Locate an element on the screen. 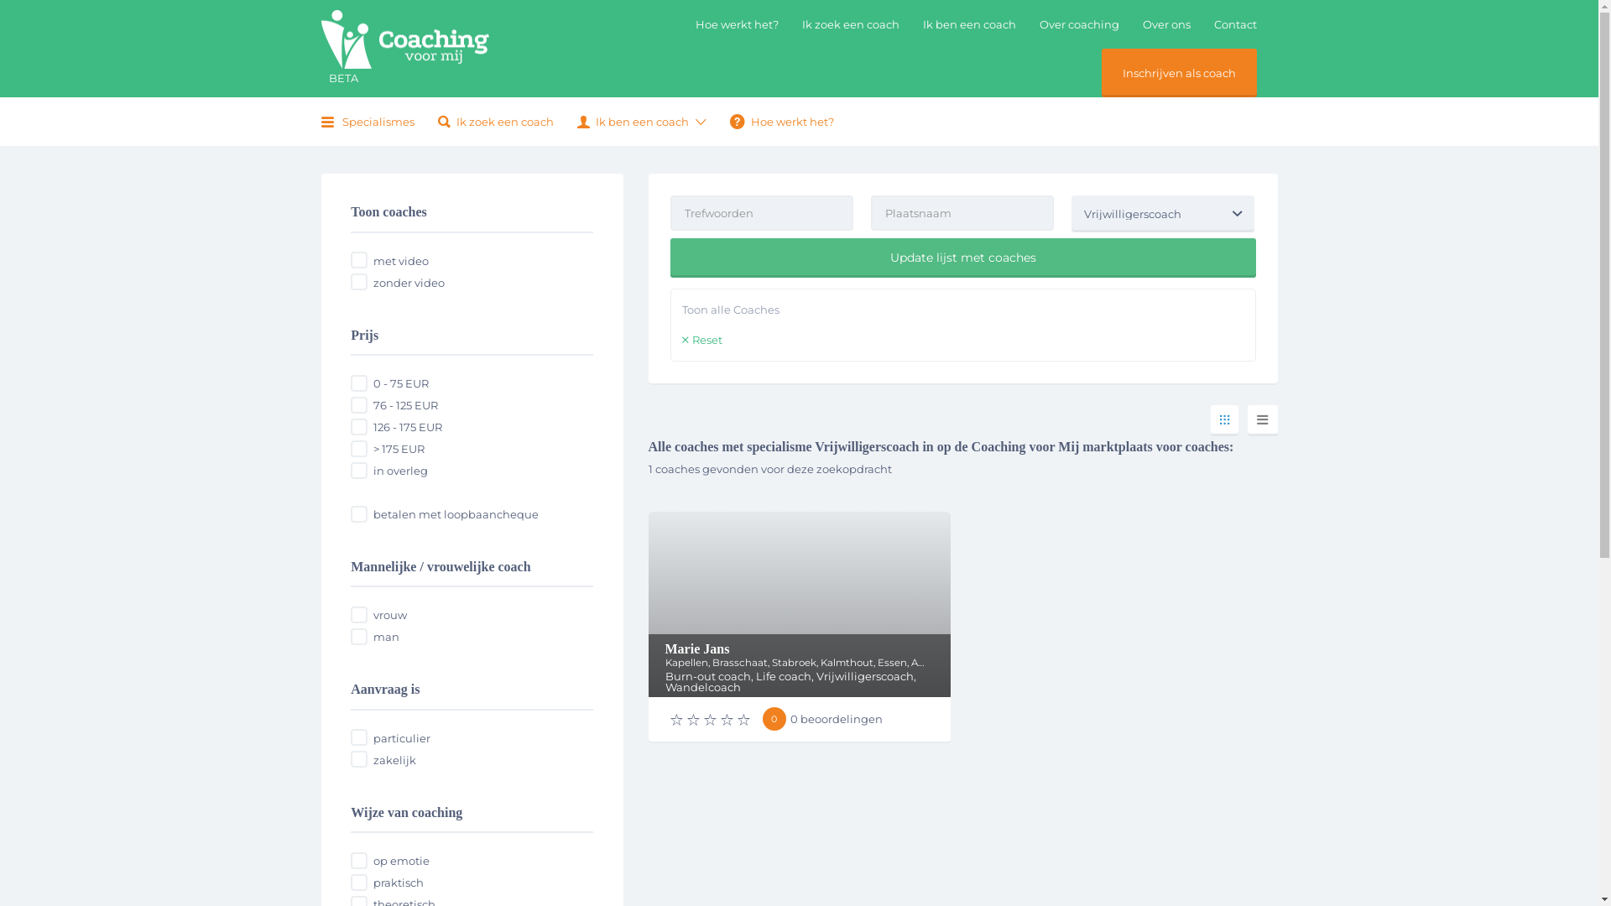 This screenshot has height=906, width=1611. '126_175' is located at coordinates (349, 426).